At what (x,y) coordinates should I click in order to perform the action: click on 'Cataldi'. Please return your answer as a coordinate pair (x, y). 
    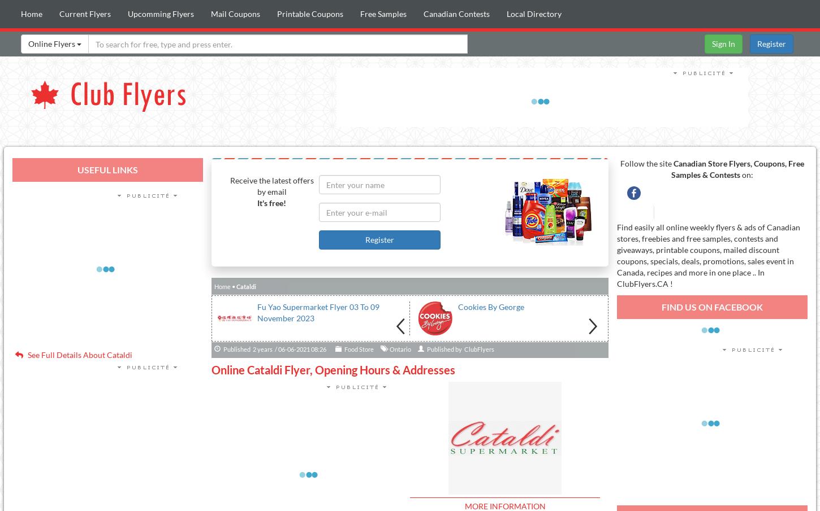
    Looking at the image, I should click on (245, 286).